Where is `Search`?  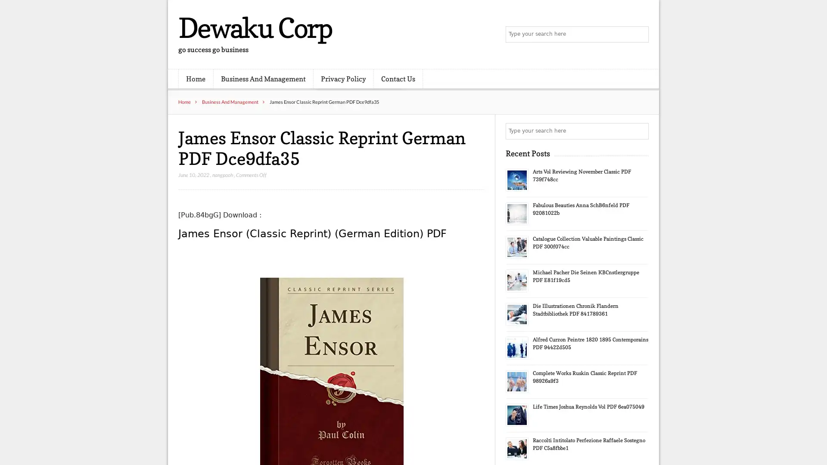 Search is located at coordinates (640, 34).